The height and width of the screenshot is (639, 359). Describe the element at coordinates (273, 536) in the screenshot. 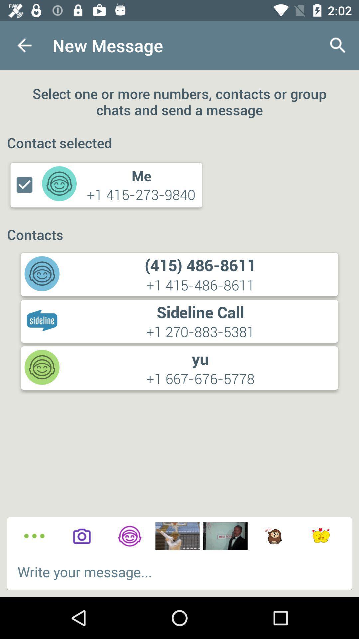

I see `insert hey cute hedgehog clip-art` at that location.